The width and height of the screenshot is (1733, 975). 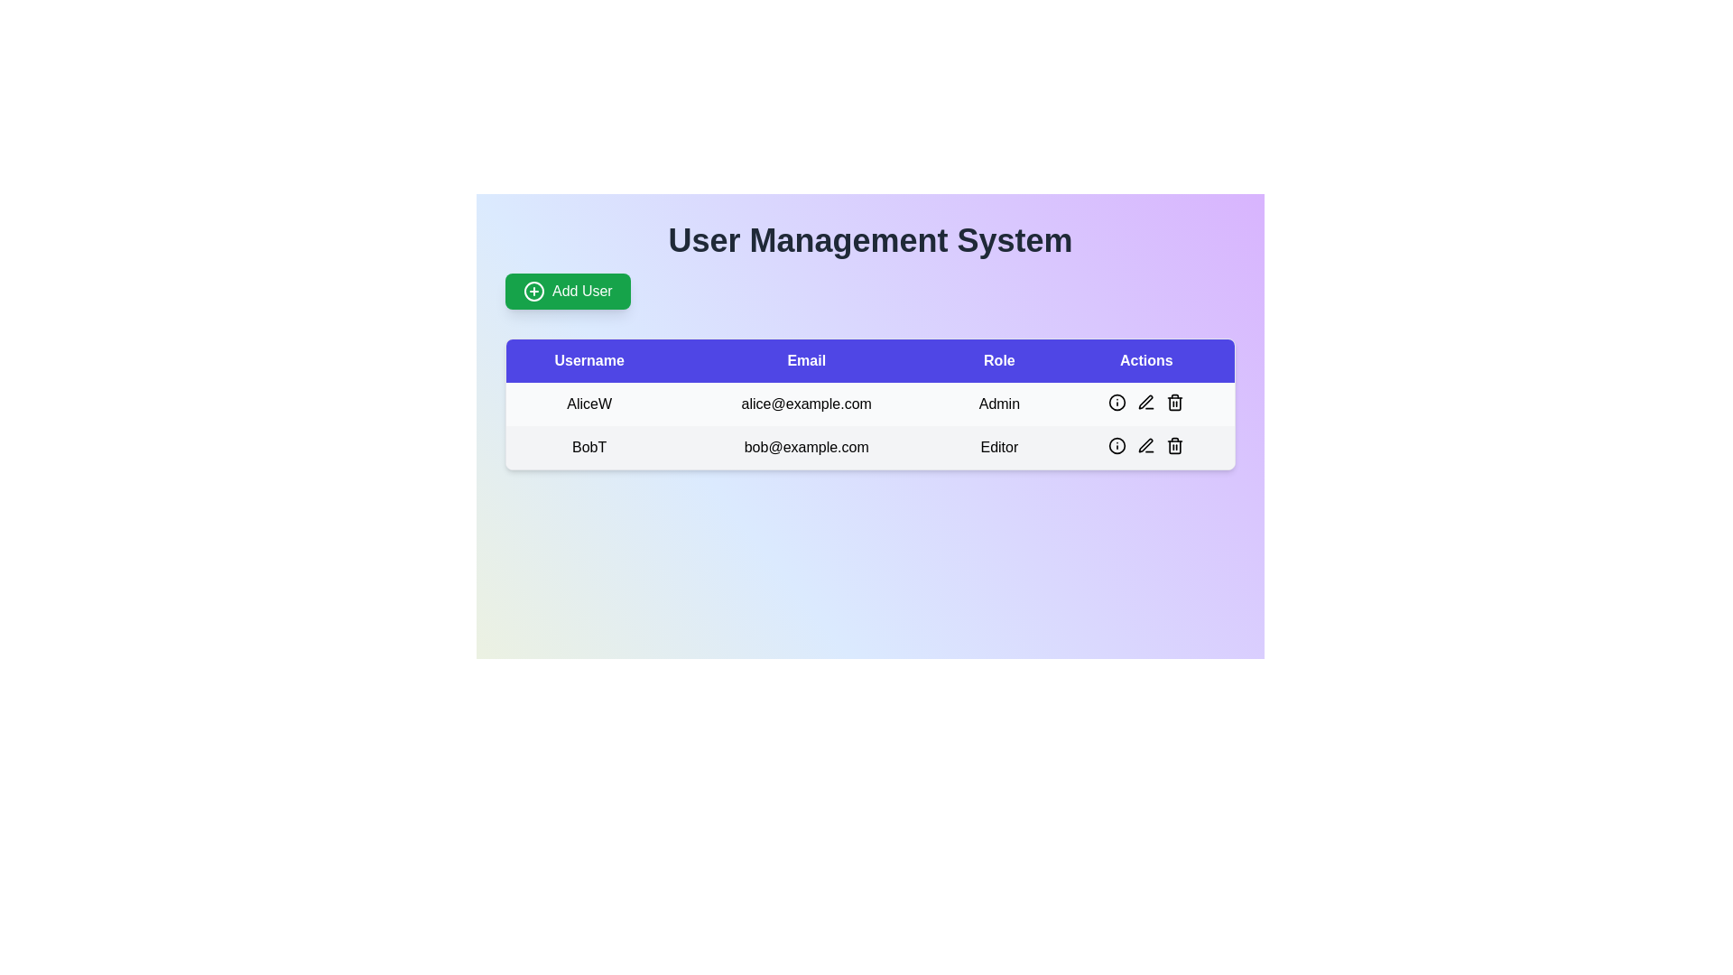 I want to click on the pen icon in the 'Actions' column of the second row for the entry 'BobT', so click(x=1145, y=402).